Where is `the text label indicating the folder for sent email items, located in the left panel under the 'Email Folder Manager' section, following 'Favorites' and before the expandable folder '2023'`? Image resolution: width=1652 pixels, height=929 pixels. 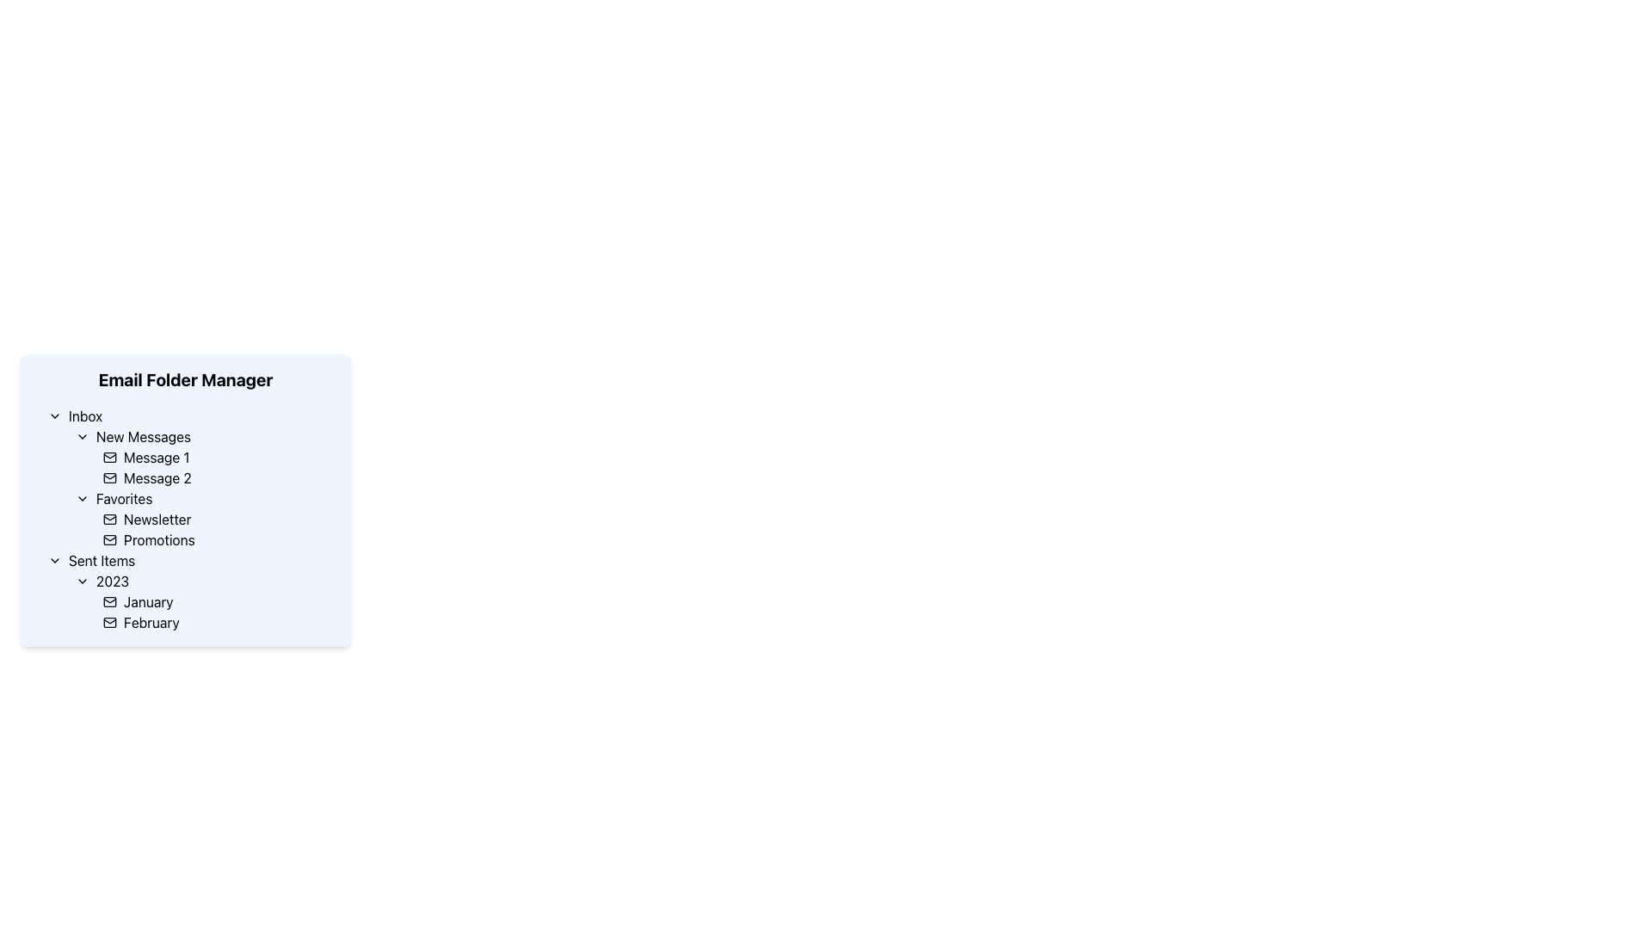 the text label indicating the folder for sent email items, located in the left panel under the 'Email Folder Manager' section, following 'Favorites' and before the expandable folder '2023' is located at coordinates (101, 560).